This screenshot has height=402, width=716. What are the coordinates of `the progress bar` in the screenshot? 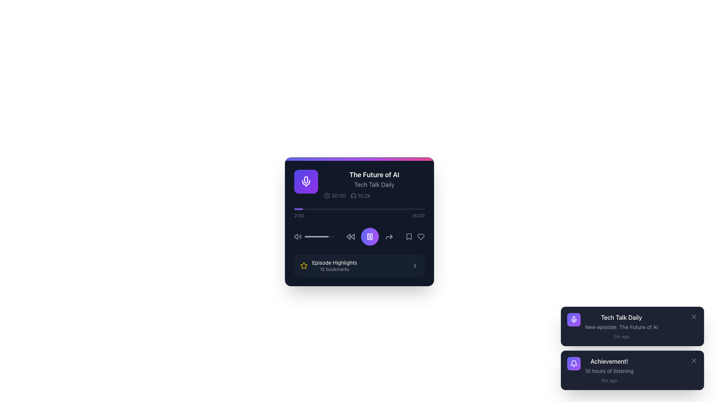 It's located at (311, 237).